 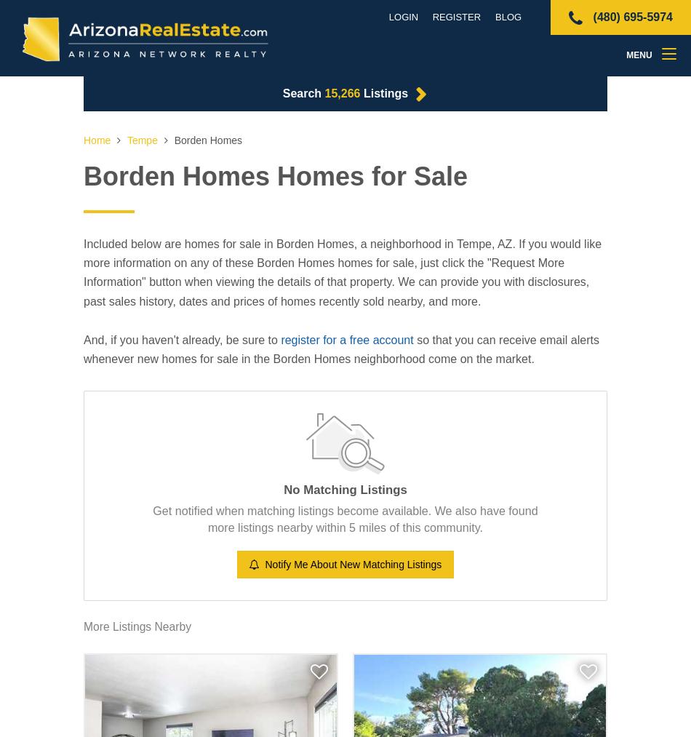 What do you see at coordinates (205, 140) in the screenshot?
I see `'Borden Homes'` at bounding box center [205, 140].